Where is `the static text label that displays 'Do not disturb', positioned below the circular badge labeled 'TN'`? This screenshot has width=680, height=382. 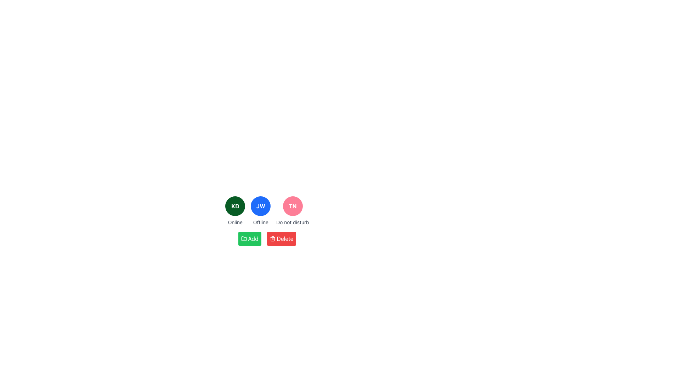 the static text label that displays 'Do not disturb', positioned below the circular badge labeled 'TN' is located at coordinates (293, 222).